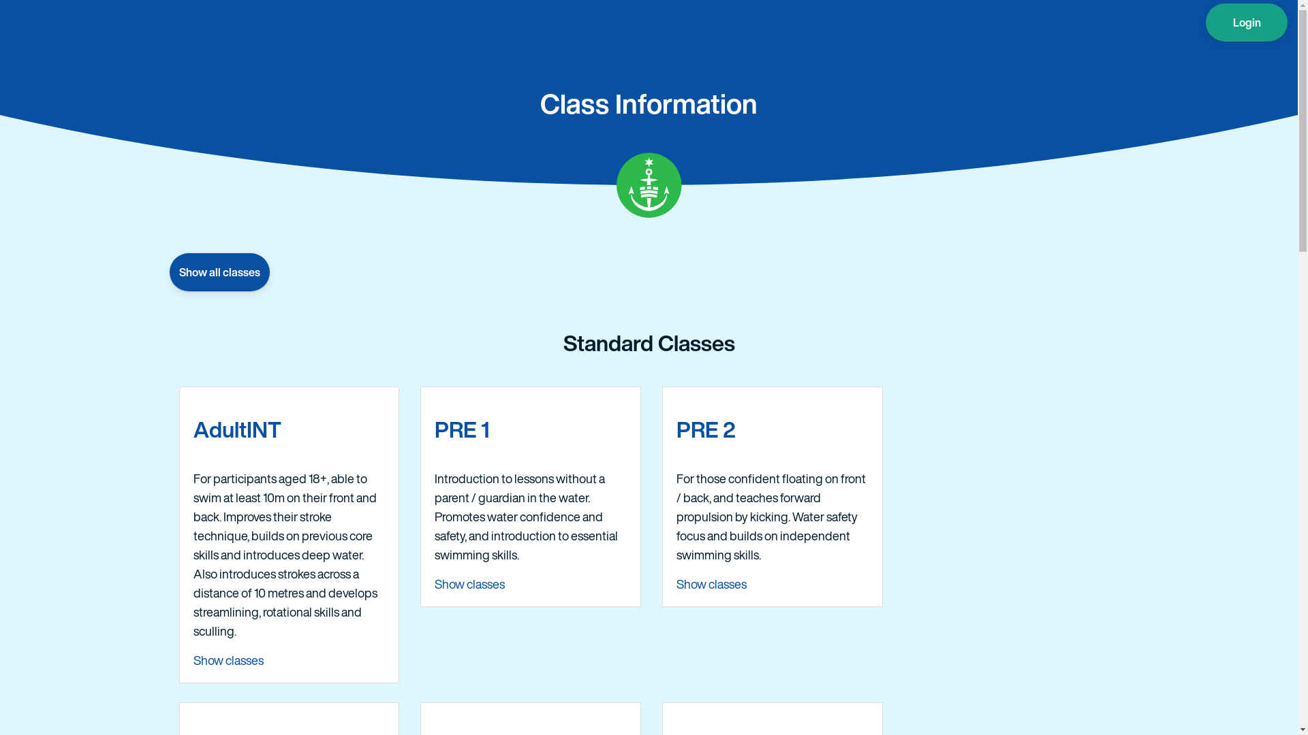  I want to click on 'Login', so click(1246, 22).